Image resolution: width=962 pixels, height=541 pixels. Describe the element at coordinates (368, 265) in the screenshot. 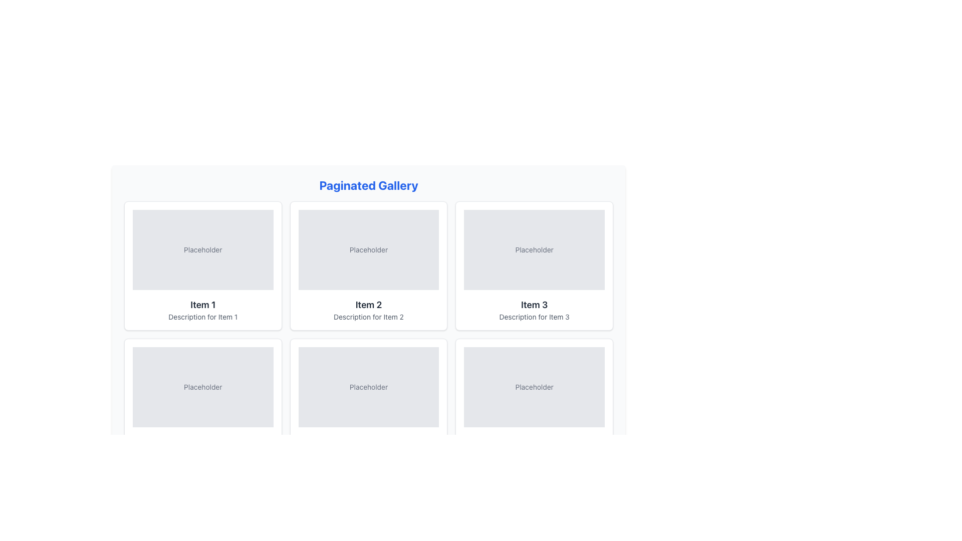

I see `the second item card in the gallery displaying content for 'Item 2'` at that location.